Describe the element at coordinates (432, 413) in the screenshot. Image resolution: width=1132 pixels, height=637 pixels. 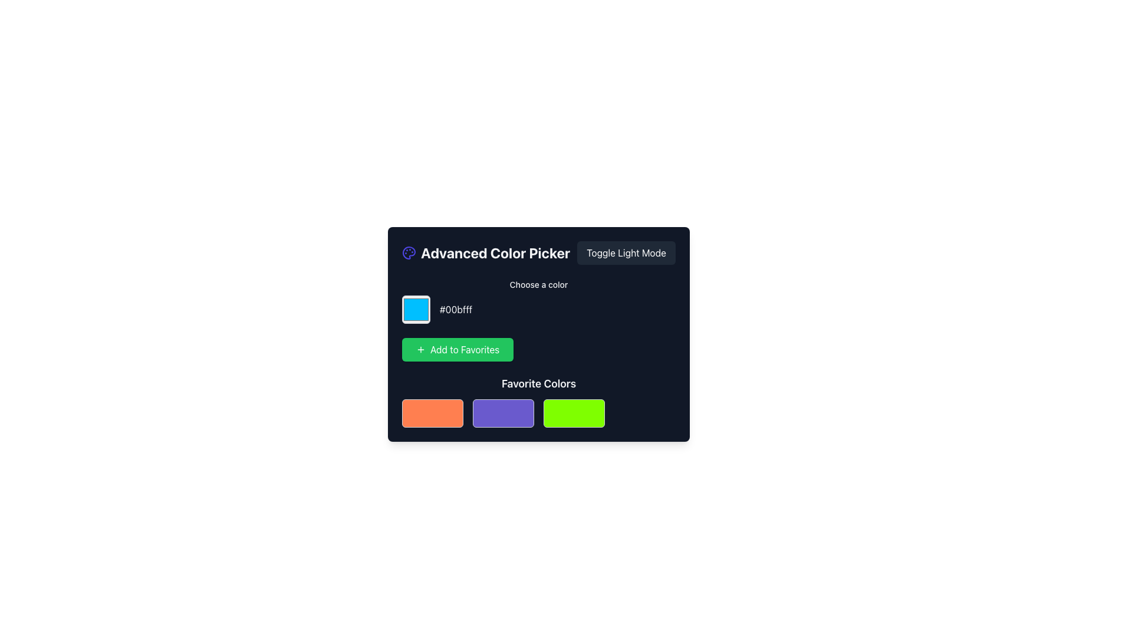
I see `the vibrant orange color tile, which is the first tile in a row of four under the 'Favorite Colors' section` at that location.